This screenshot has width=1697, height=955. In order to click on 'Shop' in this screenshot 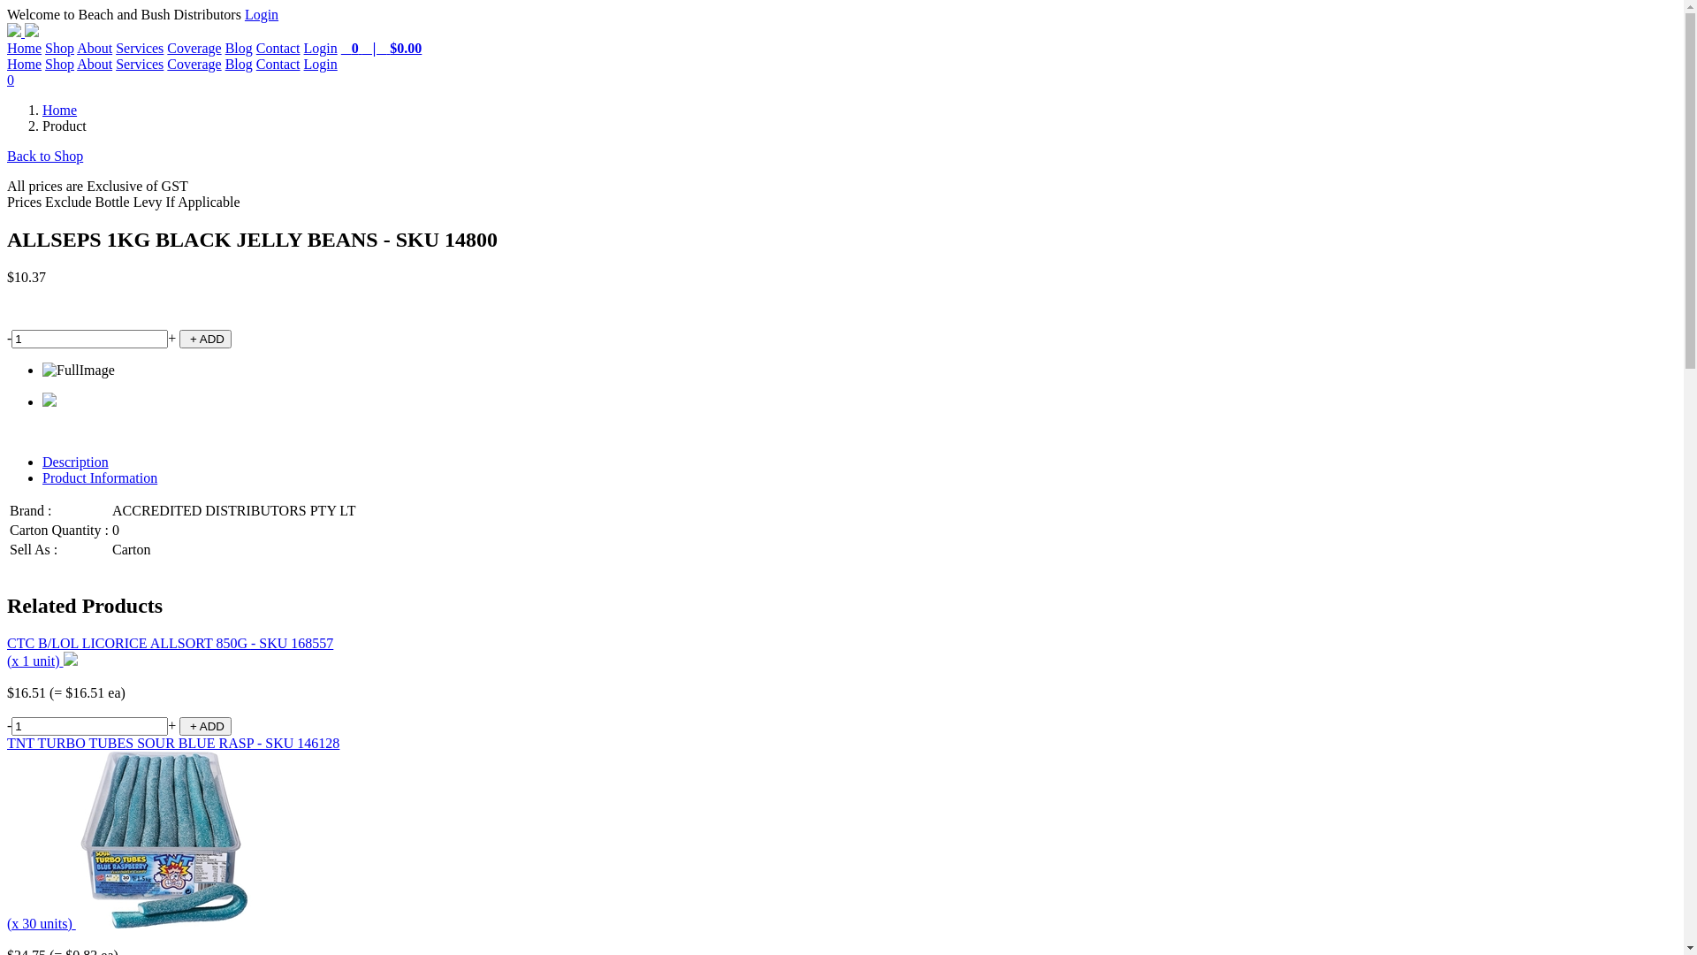, I will do `click(59, 47)`.